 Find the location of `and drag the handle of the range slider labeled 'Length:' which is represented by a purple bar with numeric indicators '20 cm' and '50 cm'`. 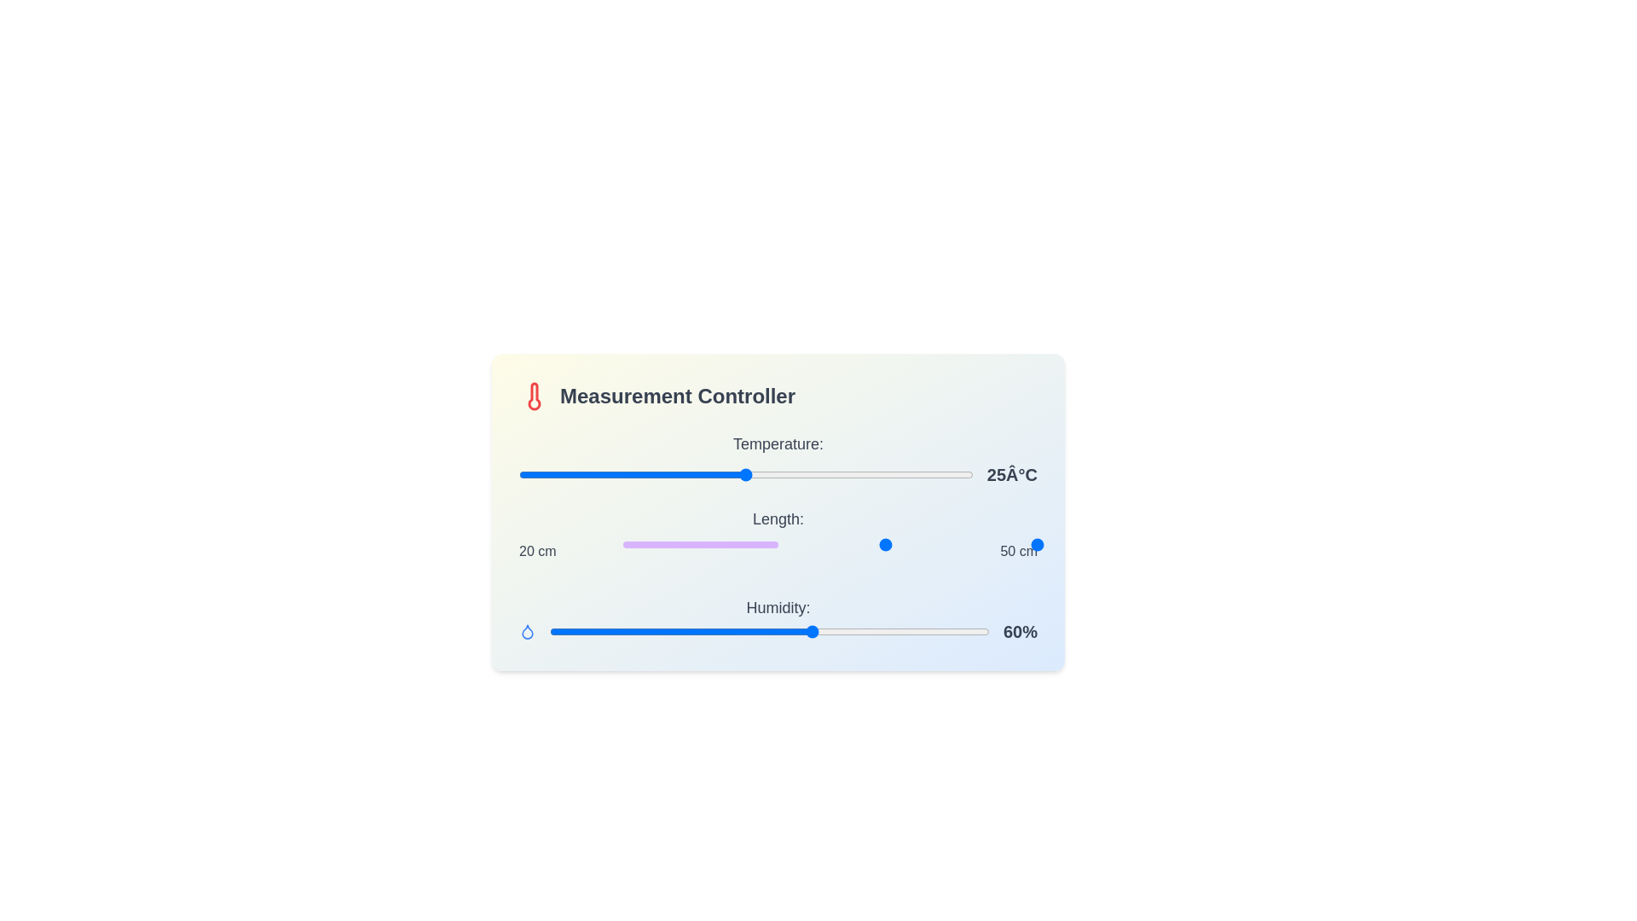

and drag the handle of the range slider labeled 'Length:' which is represented by a purple bar with numeric indicators '20 cm' and '50 cm' is located at coordinates (777, 542).